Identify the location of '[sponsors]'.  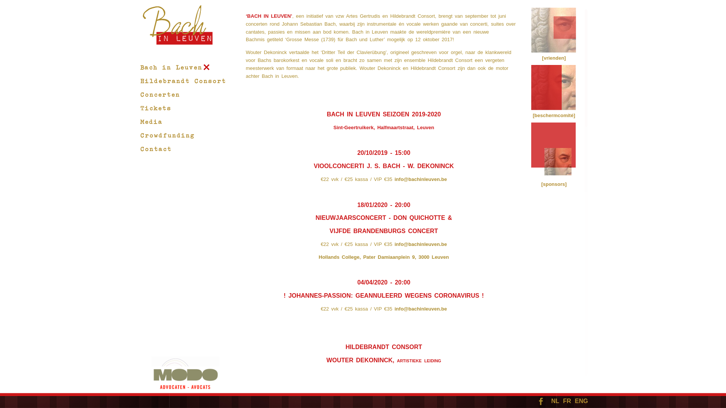
(554, 184).